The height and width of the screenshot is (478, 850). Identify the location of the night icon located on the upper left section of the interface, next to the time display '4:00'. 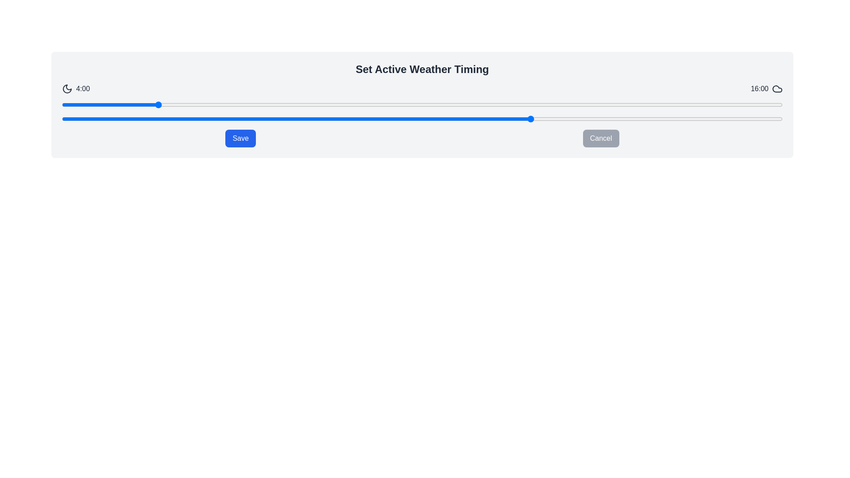
(67, 89).